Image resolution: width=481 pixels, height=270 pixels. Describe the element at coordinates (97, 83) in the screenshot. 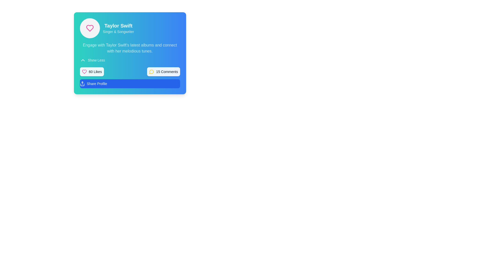

I see `the 'Share Profile' button, which is a blue button with rounded corners displaying white text, located in the lower section of the profile card interface` at that location.